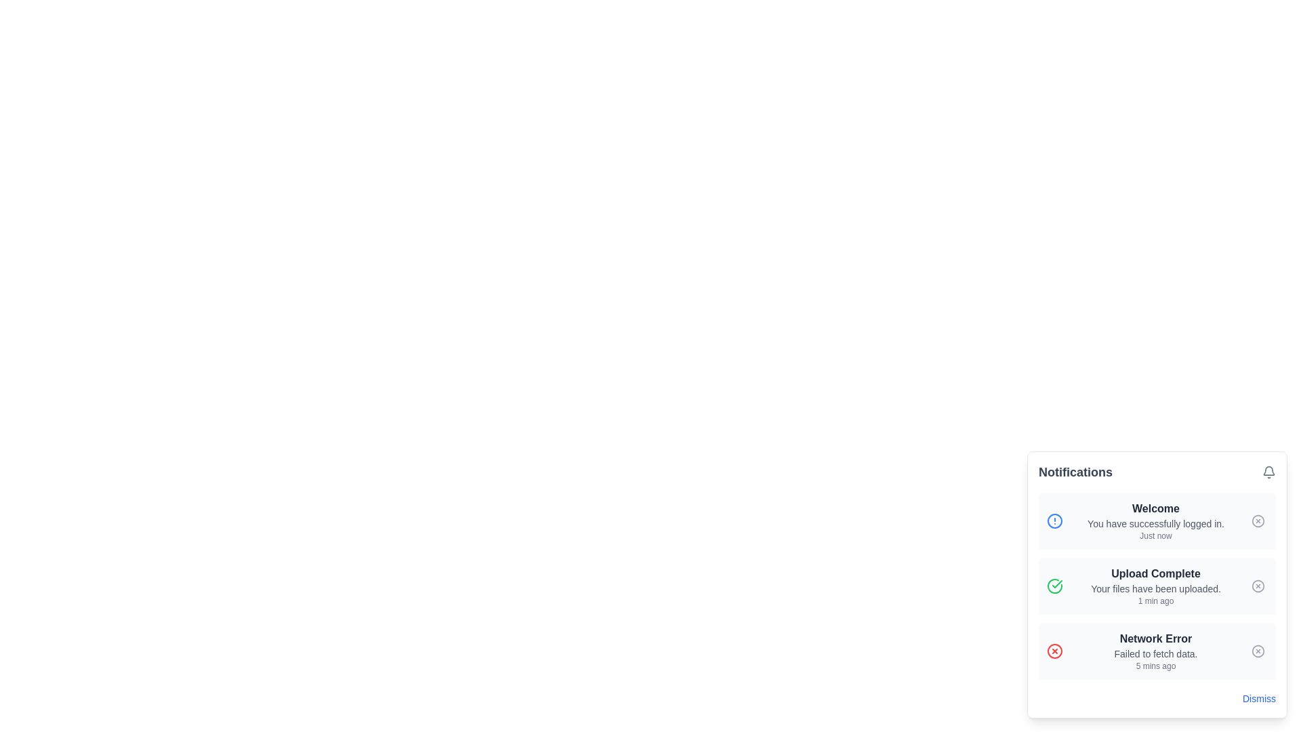 This screenshot has height=732, width=1301. I want to click on the 'Upload Complete' text label that is prominently displayed in bold black font within the second notification card of the notification list, so click(1155, 574).